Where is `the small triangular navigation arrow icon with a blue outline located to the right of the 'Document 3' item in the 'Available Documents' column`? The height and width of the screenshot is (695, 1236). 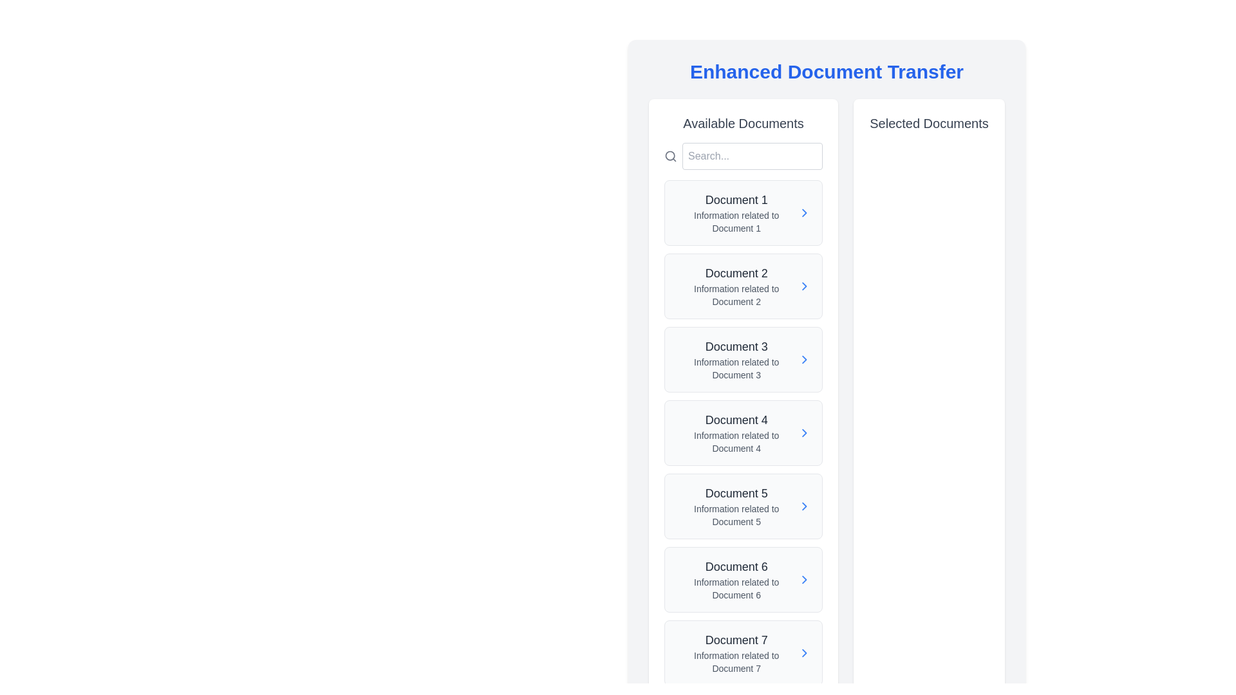
the small triangular navigation arrow icon with a blue outline located to the right of the 'Document 3' item in the 'Available Documents' column is located at coordinates (804, 360).